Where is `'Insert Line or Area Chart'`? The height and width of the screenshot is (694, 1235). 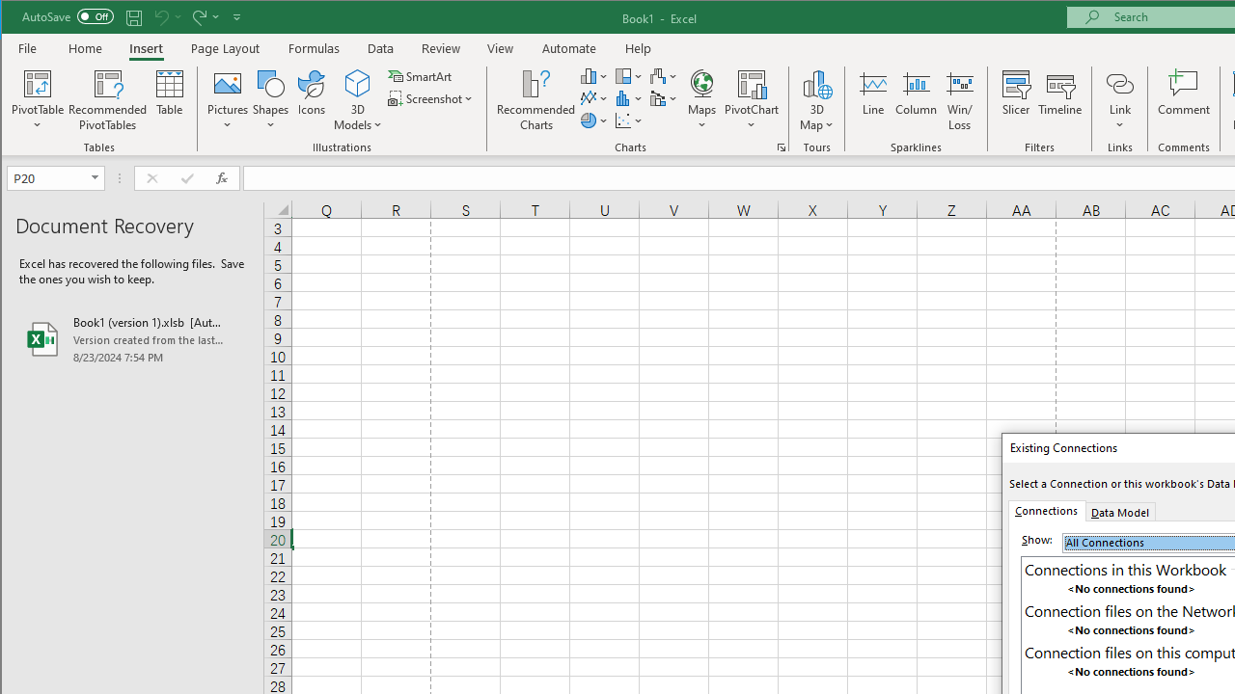
'Insert Line or Area Chart' is located at coordinates (593, 98).